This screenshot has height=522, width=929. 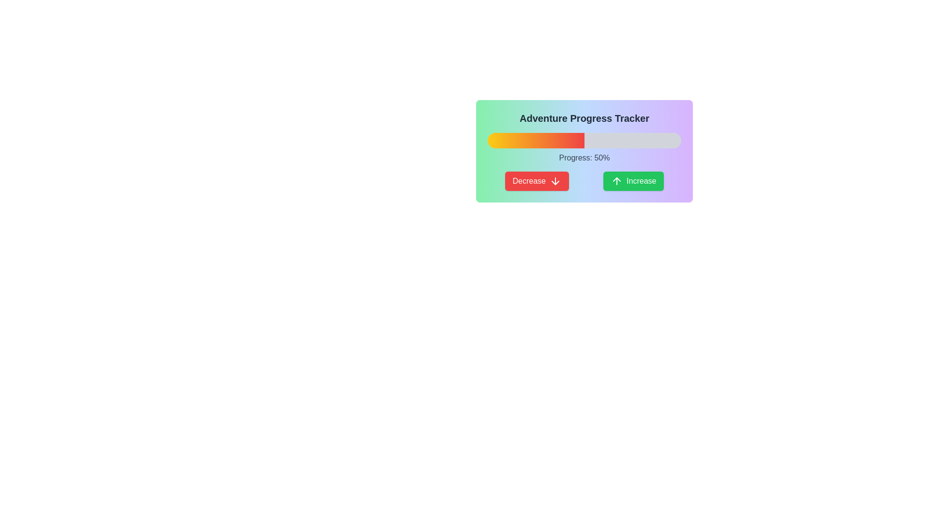 What do you see at coordinates (555, 181) in the screenshot?
I see `the downward arrow icon adjacent to the 'Decrease' button in the 'Adventure Progress Tracker' interface` at bounding box center [555, 181].